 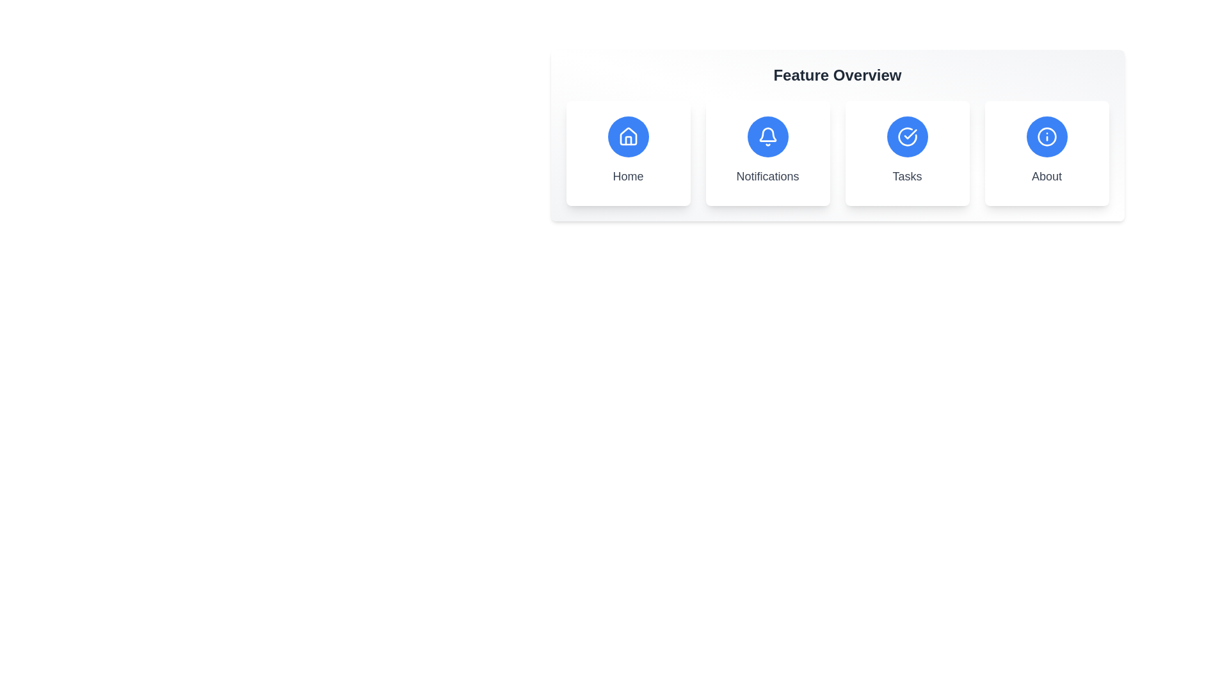 What do you see at coordinates (628, 152) in the screenshot?
I see `the first interactive card/button in the grid` at bounding box center [628, 152].